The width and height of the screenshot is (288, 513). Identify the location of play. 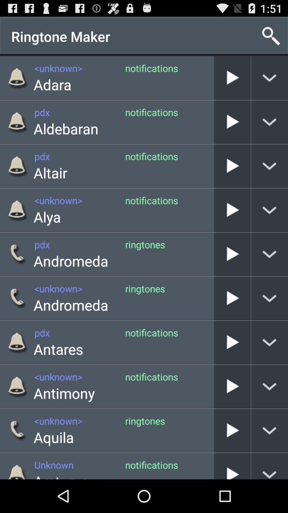
(232, 342).